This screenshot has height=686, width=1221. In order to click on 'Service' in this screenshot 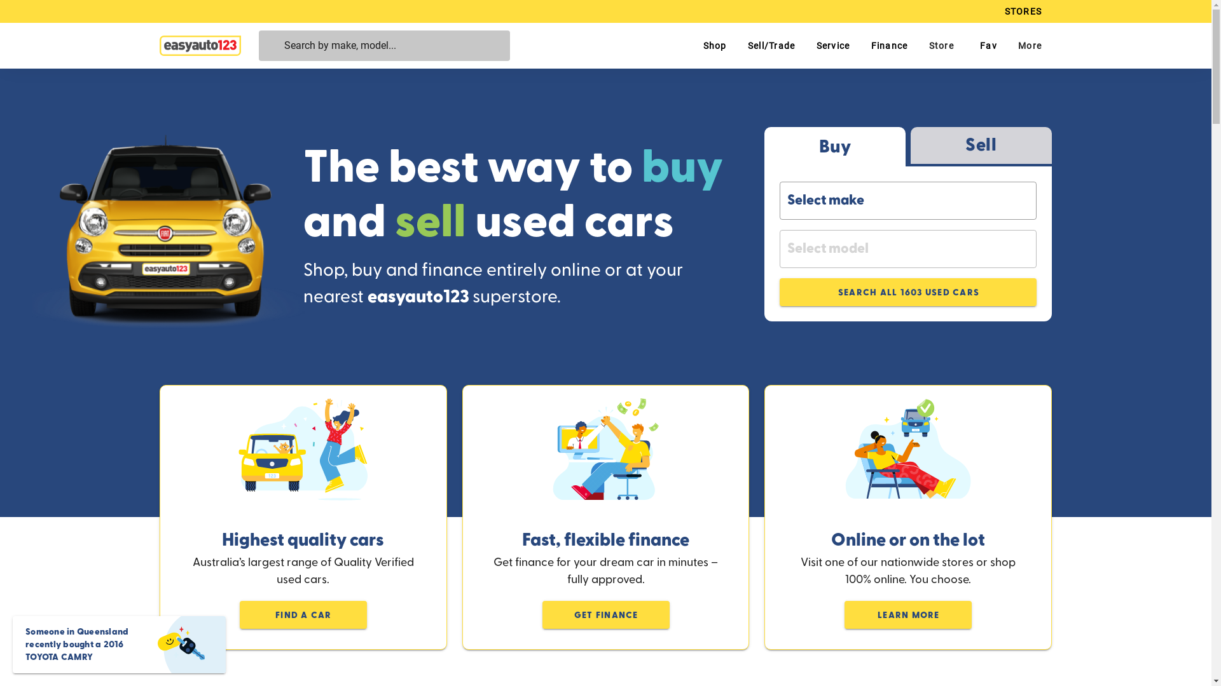, I will do `click(832, 45)`.